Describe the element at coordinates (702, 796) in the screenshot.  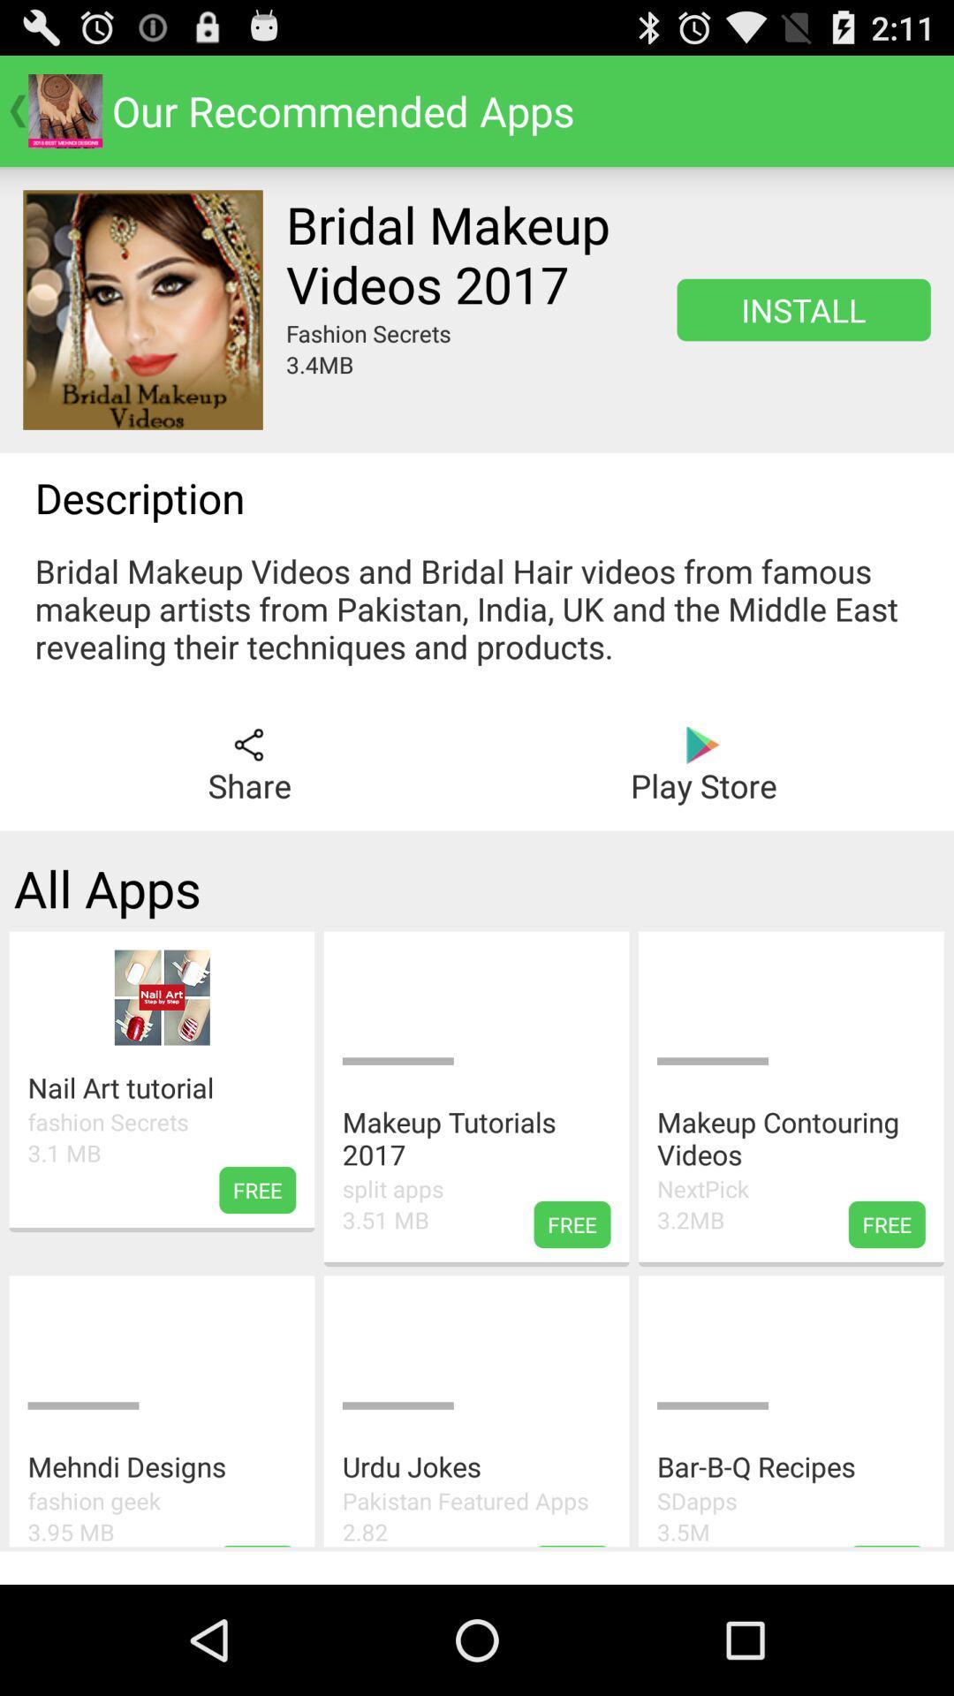
I see `the play icon` at that location.